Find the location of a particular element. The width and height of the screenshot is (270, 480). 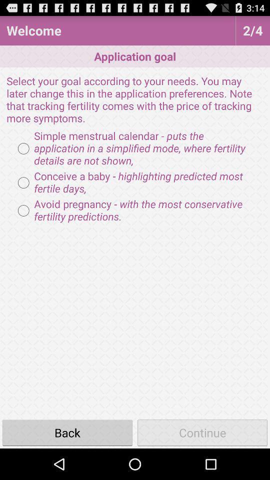

the icon above the avoid pregnancy with icon is located at coordinates (135, 182).